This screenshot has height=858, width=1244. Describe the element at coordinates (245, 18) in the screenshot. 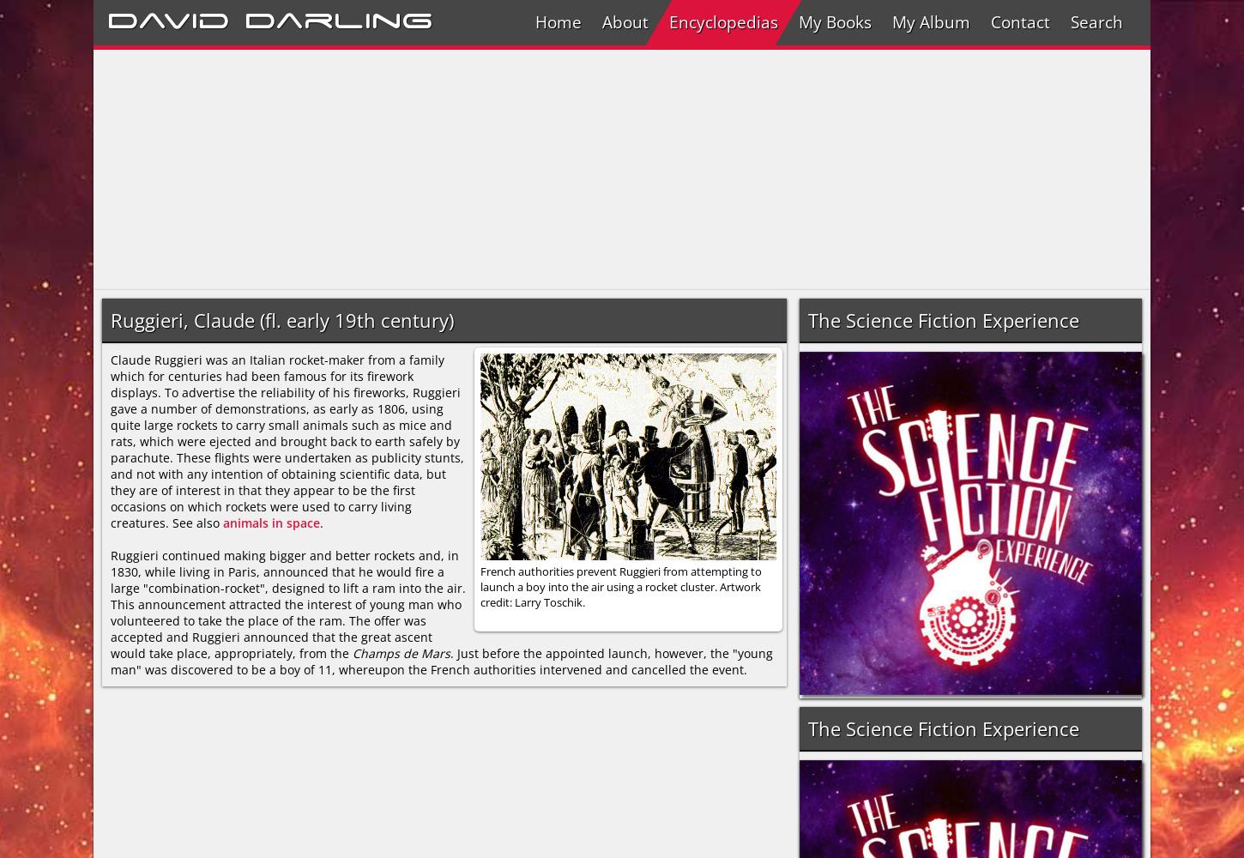

I see `'Darling'` at that location.